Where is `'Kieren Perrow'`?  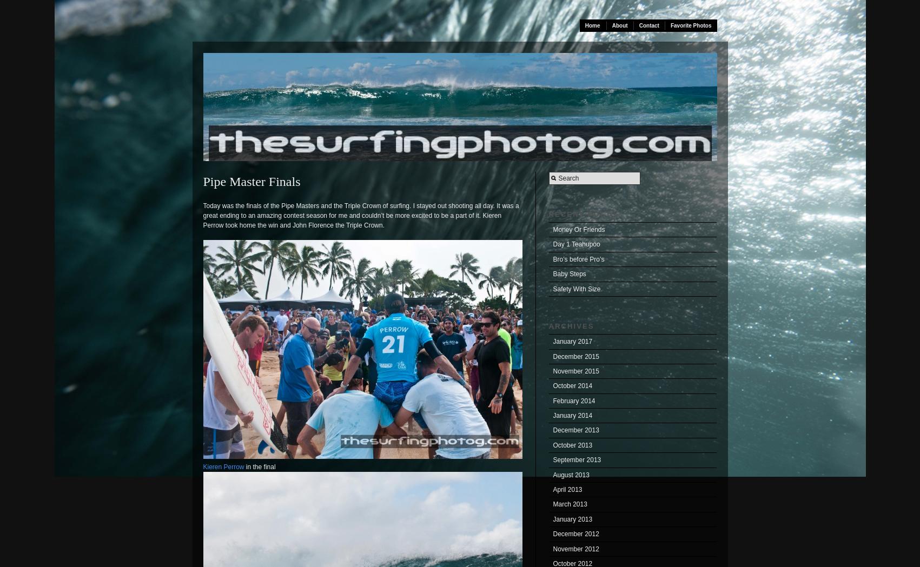 'Kieren Perrow' is located at coordinates (223, 466).